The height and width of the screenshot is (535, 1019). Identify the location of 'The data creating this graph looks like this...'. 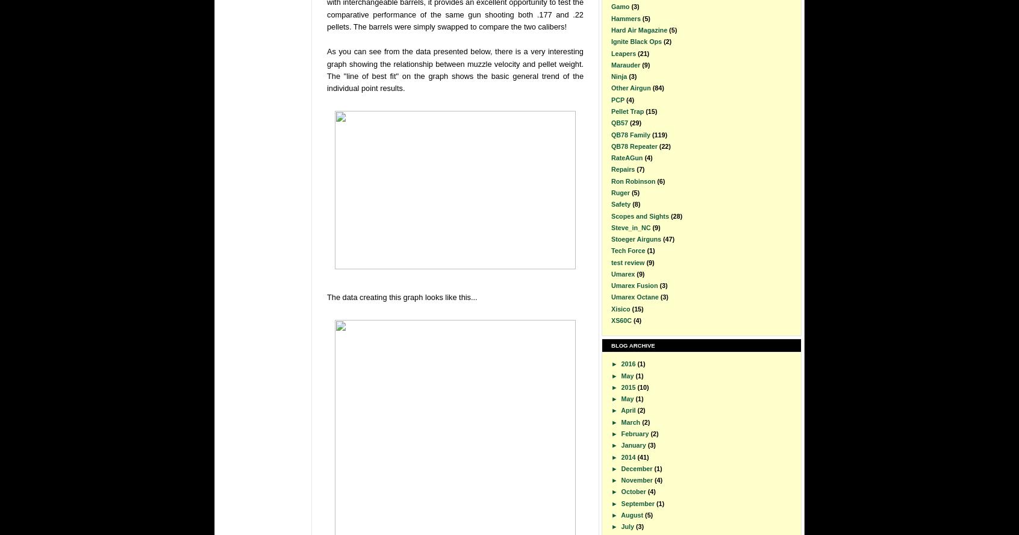
(402, 296).